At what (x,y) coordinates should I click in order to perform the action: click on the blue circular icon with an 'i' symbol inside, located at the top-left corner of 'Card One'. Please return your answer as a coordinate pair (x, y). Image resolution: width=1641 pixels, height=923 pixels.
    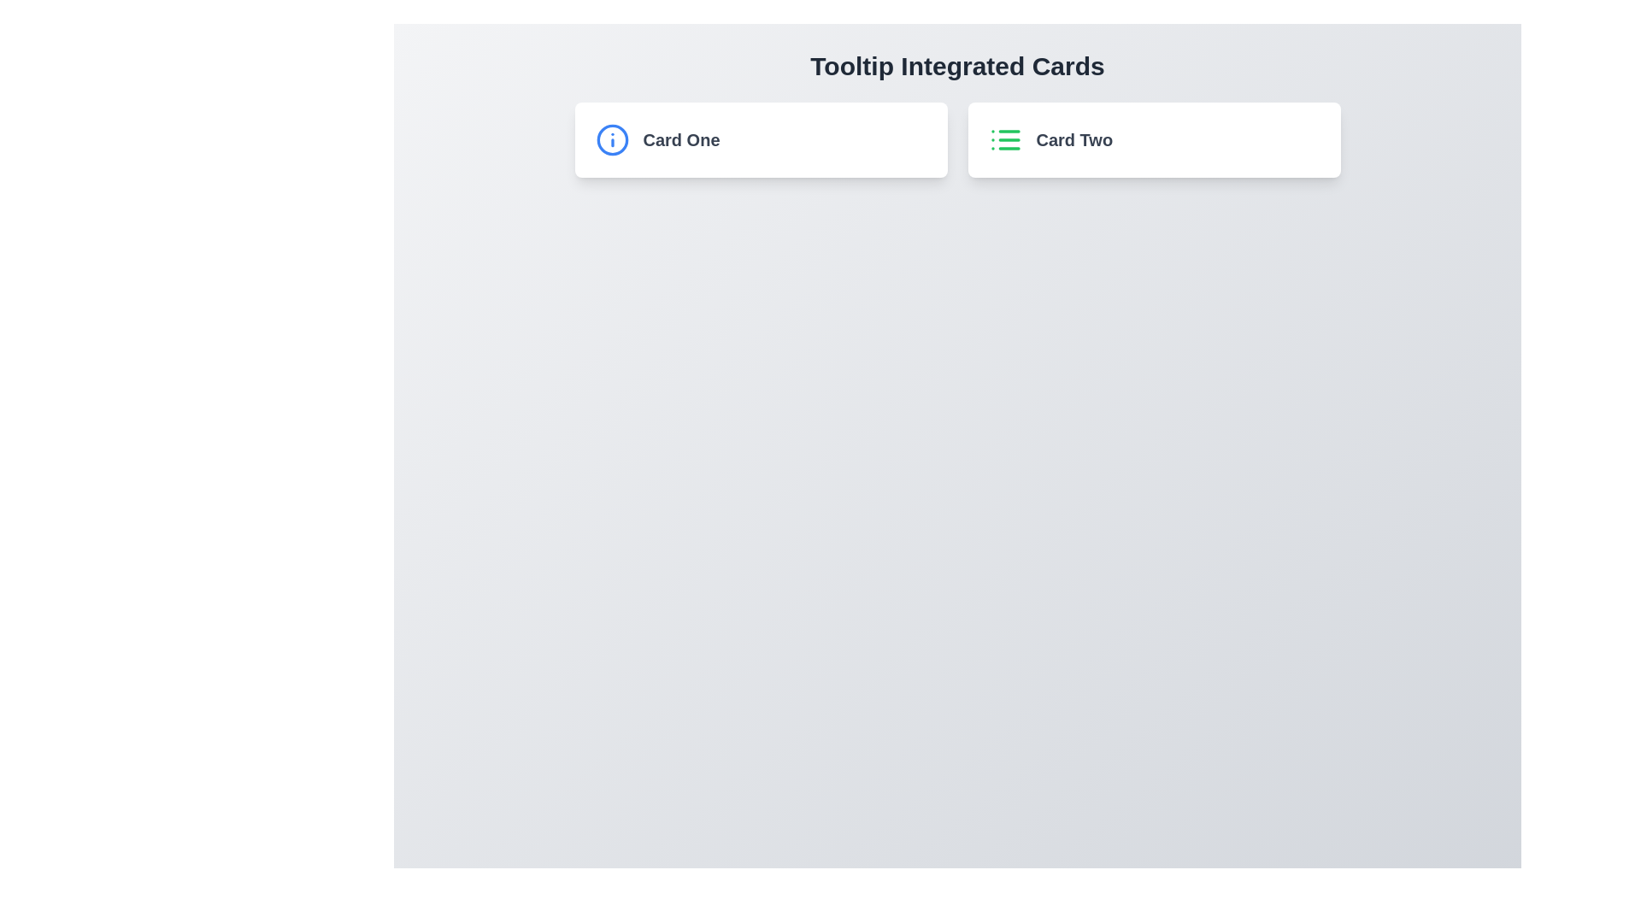
    Looking at the image, I should click on (612, 139).